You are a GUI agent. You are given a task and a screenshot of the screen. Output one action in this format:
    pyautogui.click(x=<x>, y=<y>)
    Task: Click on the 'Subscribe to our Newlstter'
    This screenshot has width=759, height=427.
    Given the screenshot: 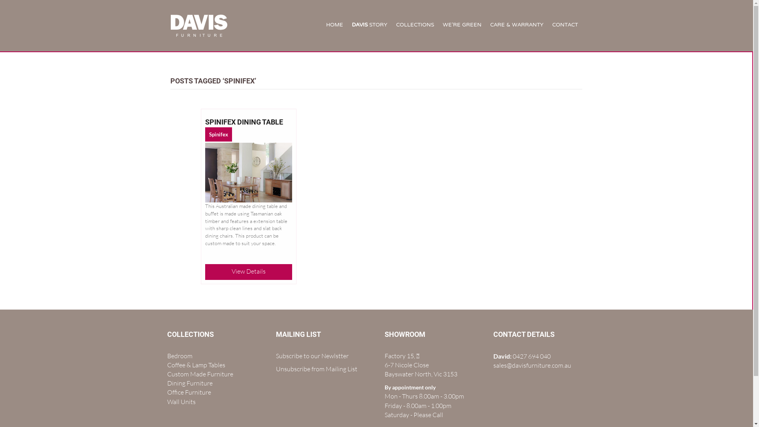 What is the action you would take?
    pyautogui.click(x=312, y=355)
    